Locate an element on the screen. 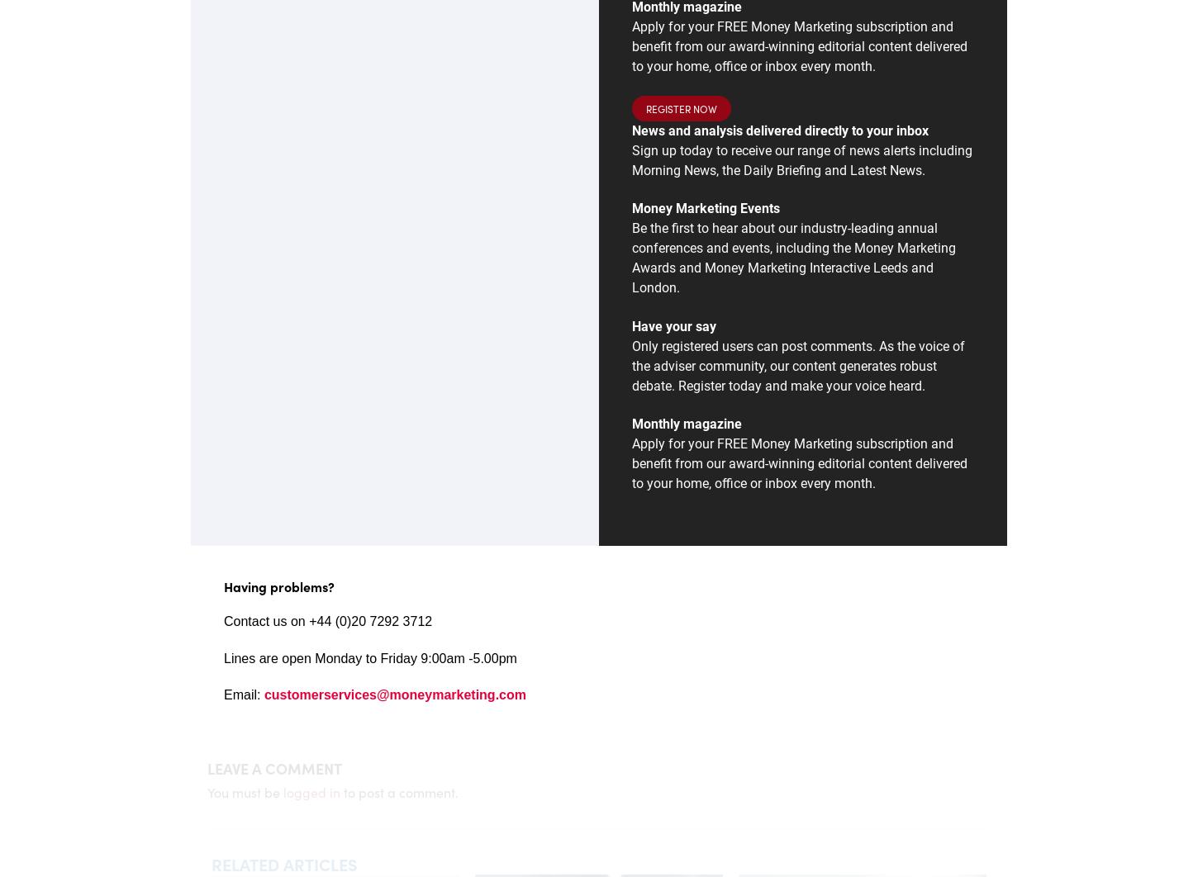 This screenshot has height=877, width=1198. 'Register now' is located at coordinates (681, 107).